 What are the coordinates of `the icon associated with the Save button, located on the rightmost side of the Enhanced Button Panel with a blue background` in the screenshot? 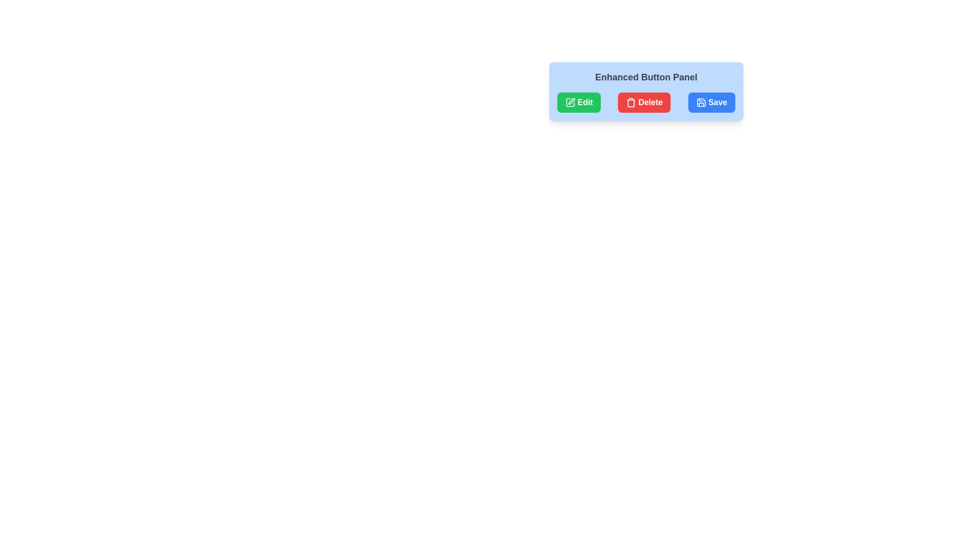 It's located at (700, 103).